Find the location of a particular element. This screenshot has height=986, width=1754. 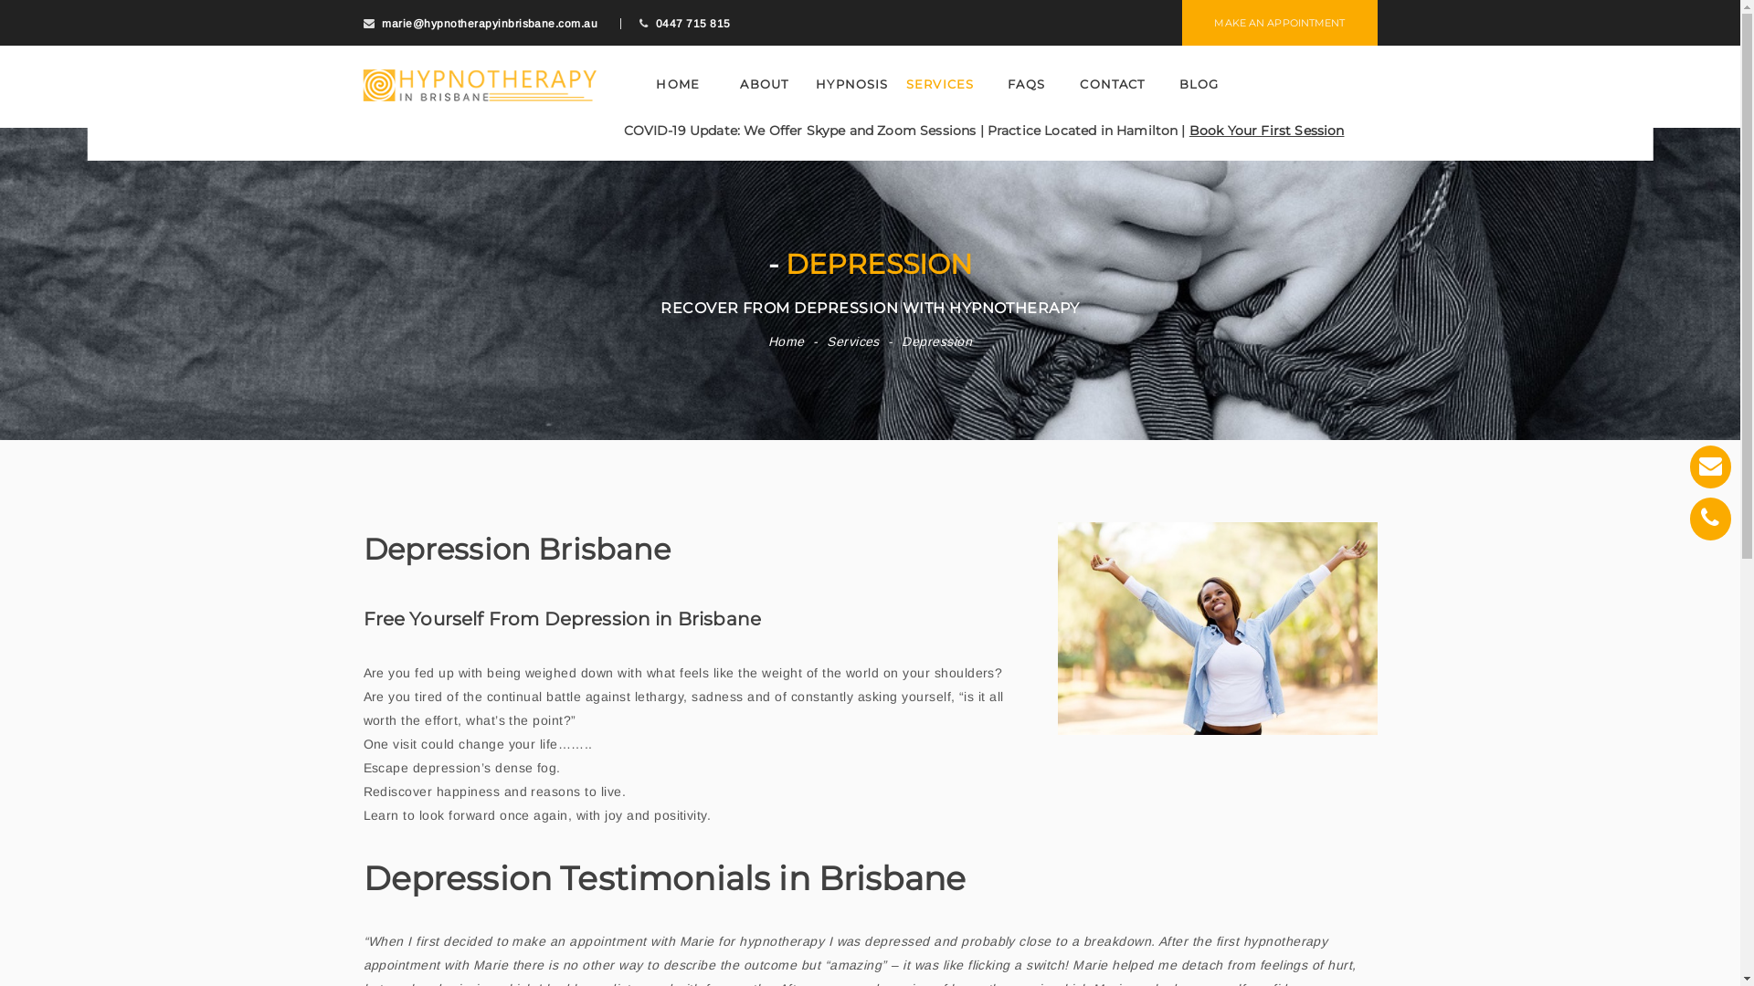

'HOME' is located at coordinates (677, 84).